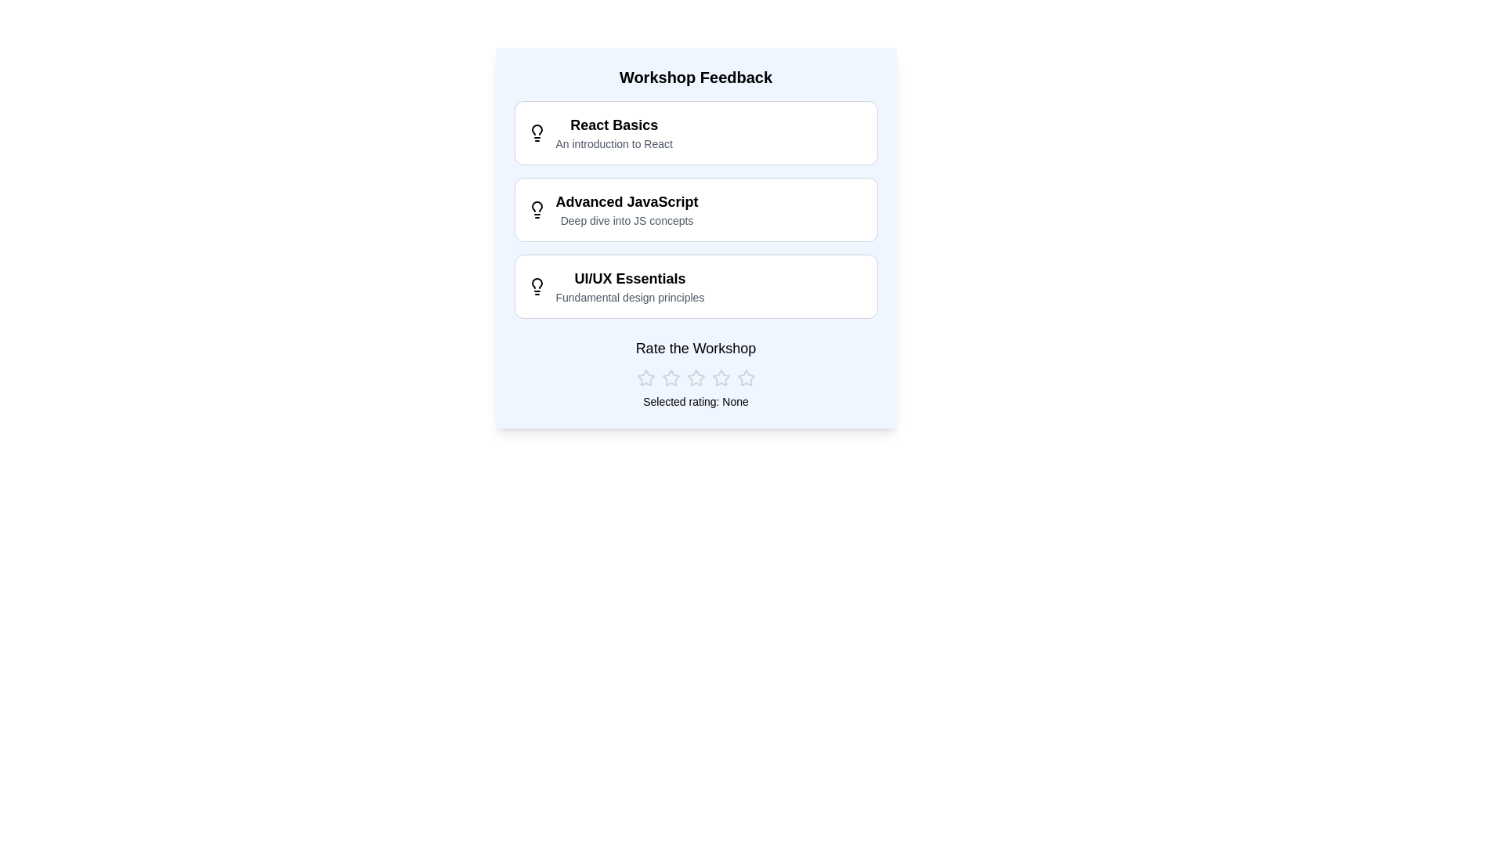  What do you see at coordinates (695, 208) in the screenshot?
I see `the specific card title or description within the group of information cards for workshop feedback, located centrally below the title 'Workshop Feedback.'` at bounding box center [695, 208].